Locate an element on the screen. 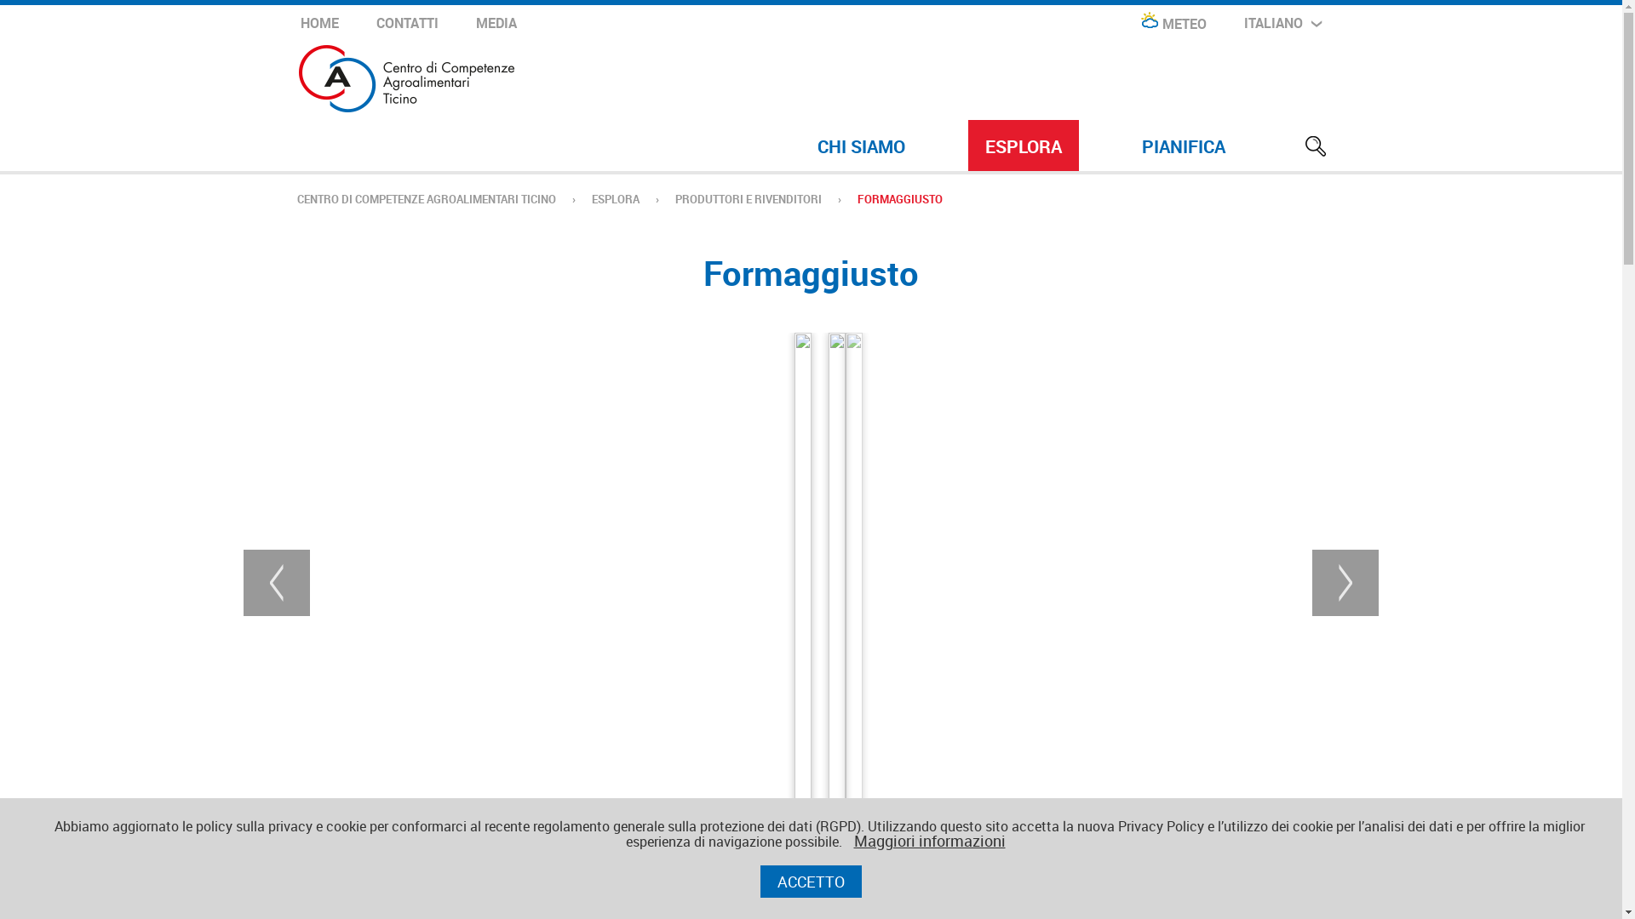 Image resolution: width=1635 pixels, height=919 pixels. 'CHI SIAMO' is located at coordinates (817, 146).